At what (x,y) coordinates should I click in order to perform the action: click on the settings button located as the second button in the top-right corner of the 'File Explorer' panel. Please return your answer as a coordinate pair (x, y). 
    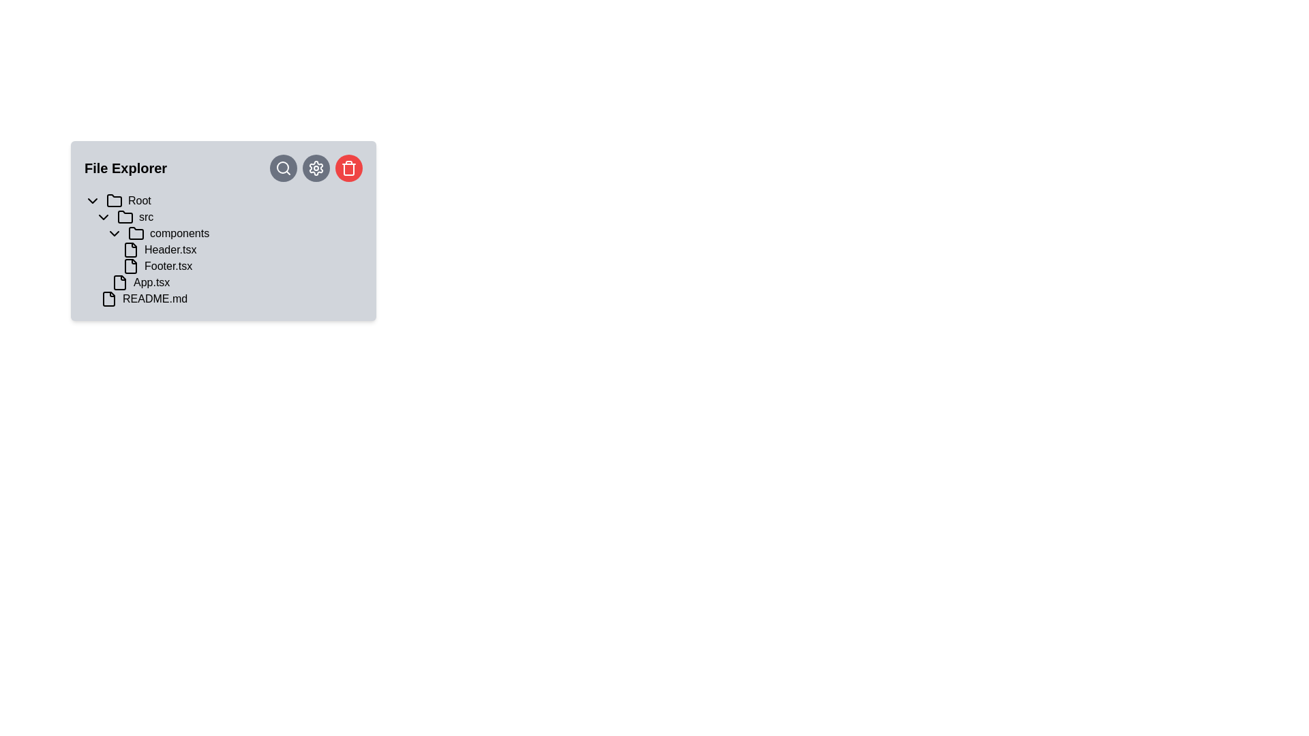
    Looking at the image, I should click on (316, 167).